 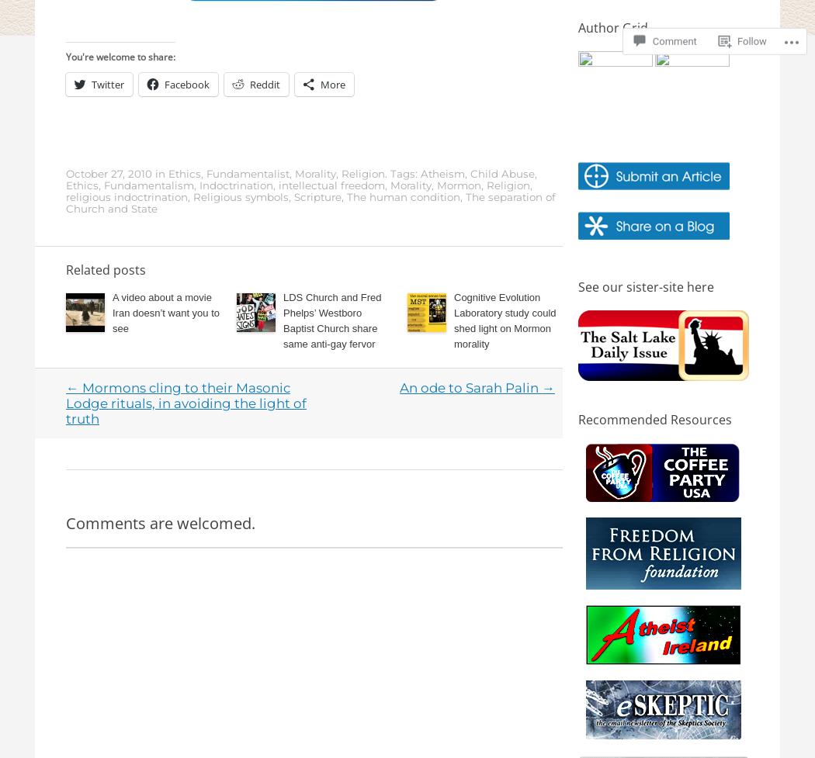 I want to click on 'Child Abuse', so click(x=501, y=173).